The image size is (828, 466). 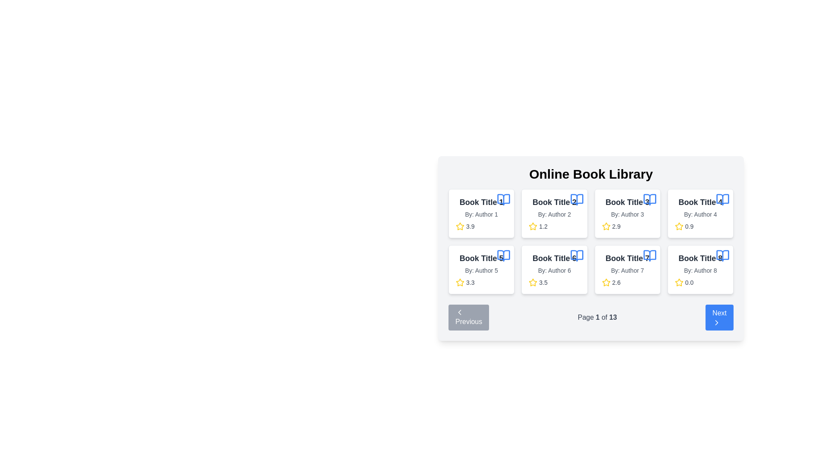 What do you see at coordinates (700, 214) in the screenshot?
I see `text label displaying the author of the book titled 'Book Title 4', located beneath the title and above the rating section in the fourth book card` at bounding box center [700, 214].